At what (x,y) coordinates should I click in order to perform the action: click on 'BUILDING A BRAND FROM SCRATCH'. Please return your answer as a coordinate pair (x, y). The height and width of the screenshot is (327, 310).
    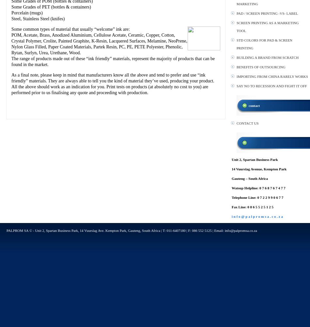
    Looking at the image, I should click on (267, 58).